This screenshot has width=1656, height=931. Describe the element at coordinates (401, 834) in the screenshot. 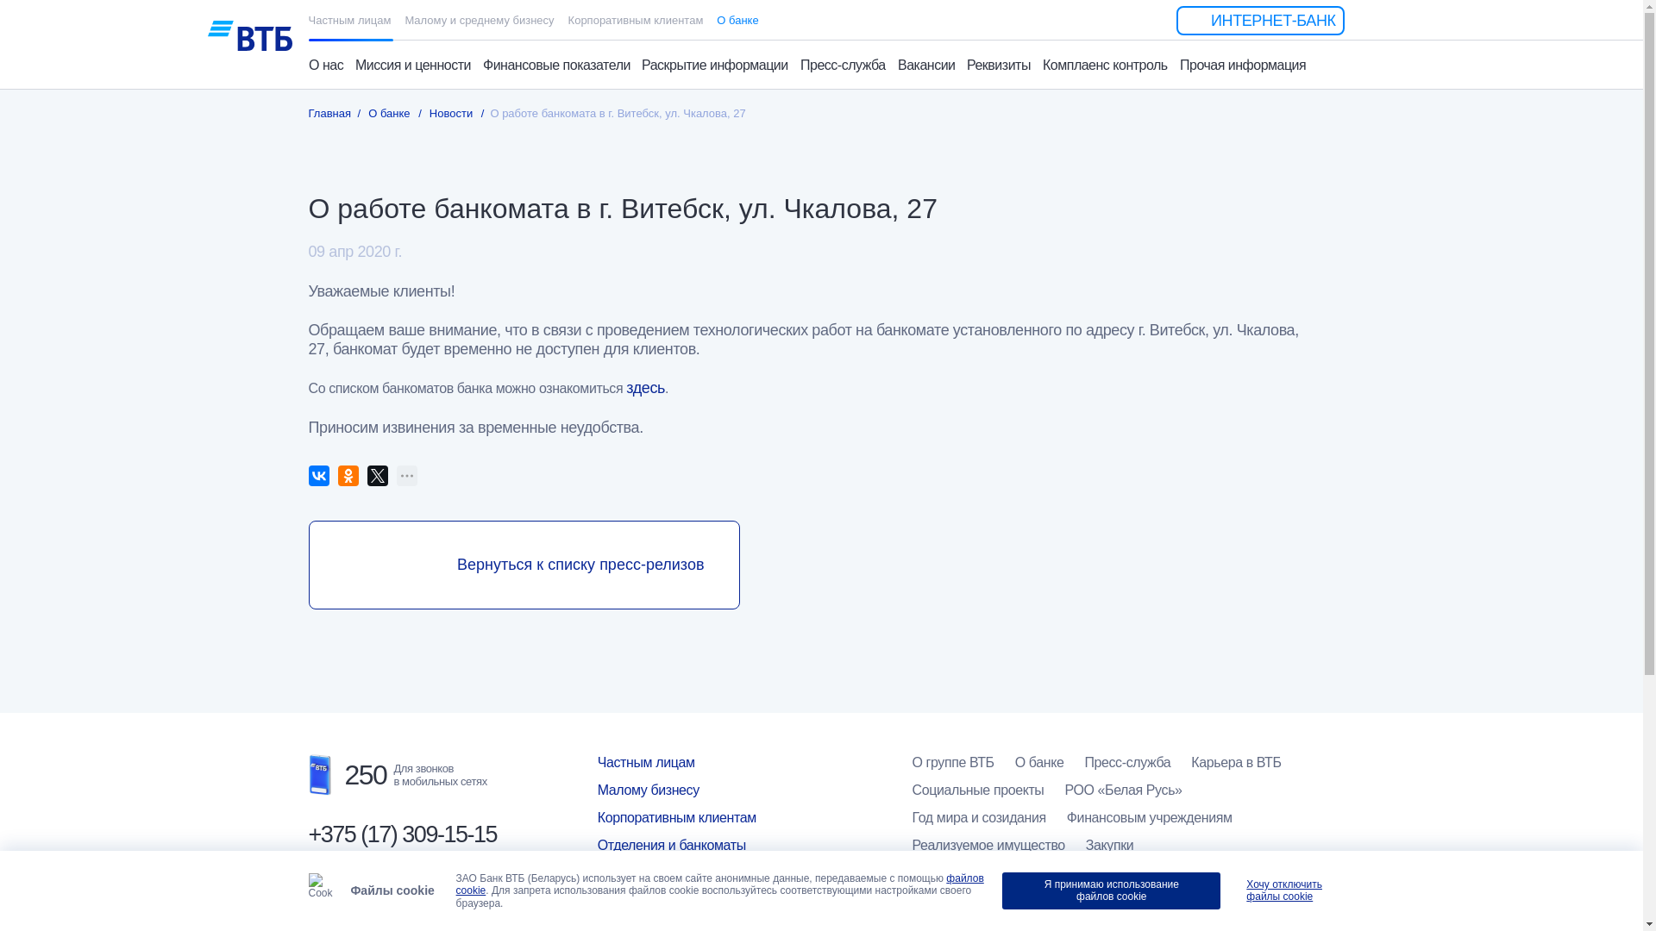

I see `'+375 (17) 309-15-15'` at that location.